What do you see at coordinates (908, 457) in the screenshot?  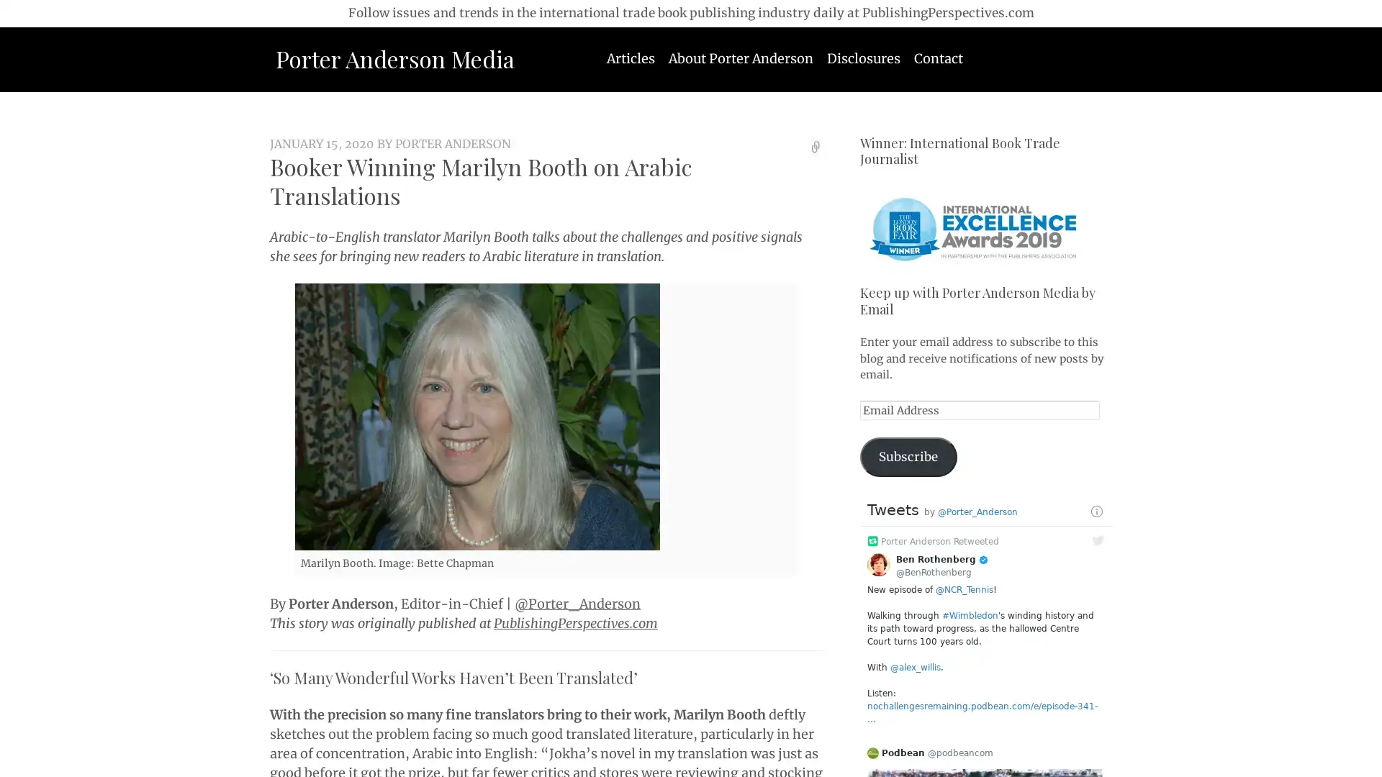 I see `Subscribe` at bounding box center [908, 457].